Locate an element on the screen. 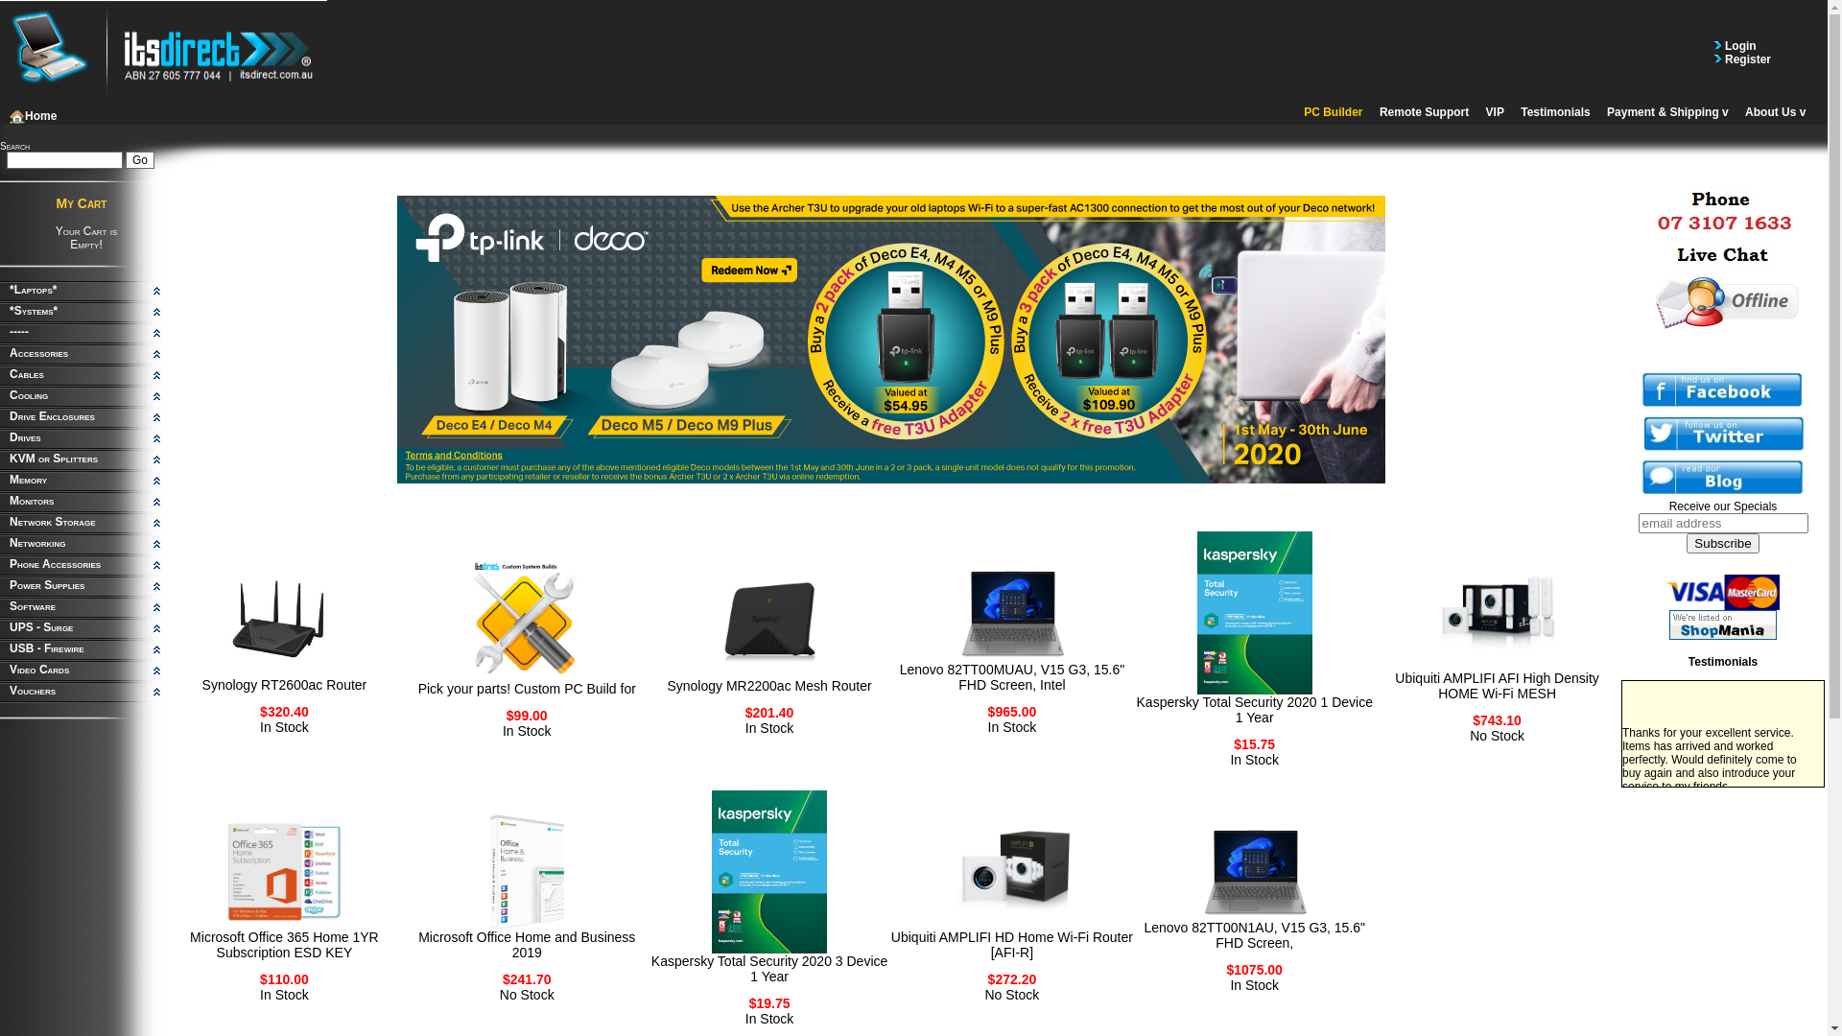  'My Cart is located at coordinates (0, 222).